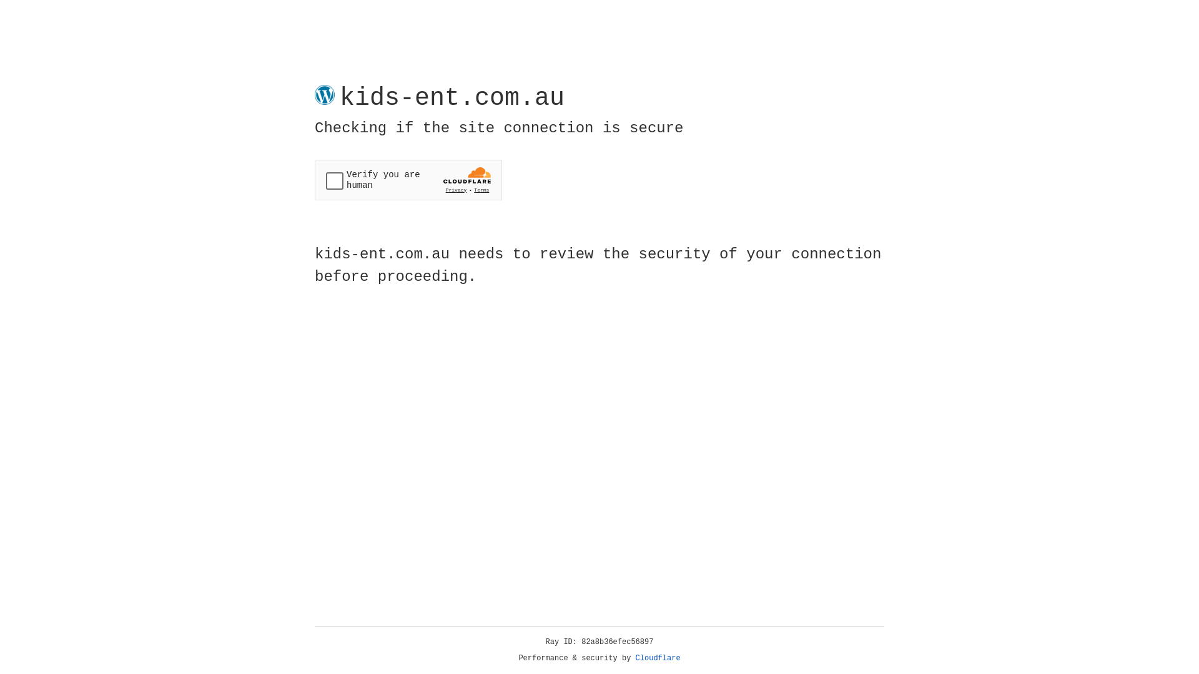 The image size is (1199, 674). What do you see at coordinates (408, 180) in the screenshot?
I see `'Widget containing a Cloudflare security challenge'` at bounding box center [408, 180].